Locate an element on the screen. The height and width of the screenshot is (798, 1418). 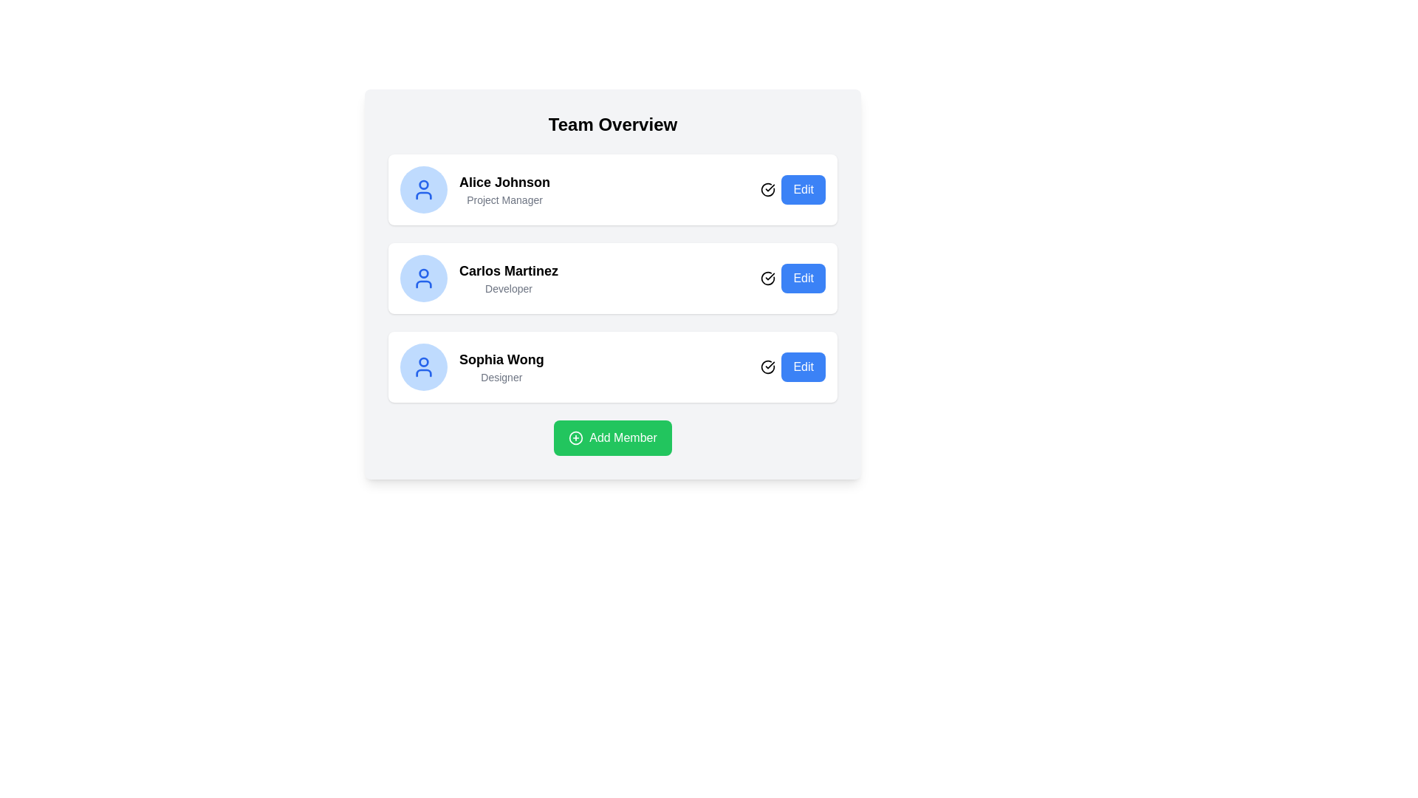
circular SVG icon with a plus sign in its center, located within the green button beside the 'Add Member' text, for customization options is located at coordinates (575, 437).